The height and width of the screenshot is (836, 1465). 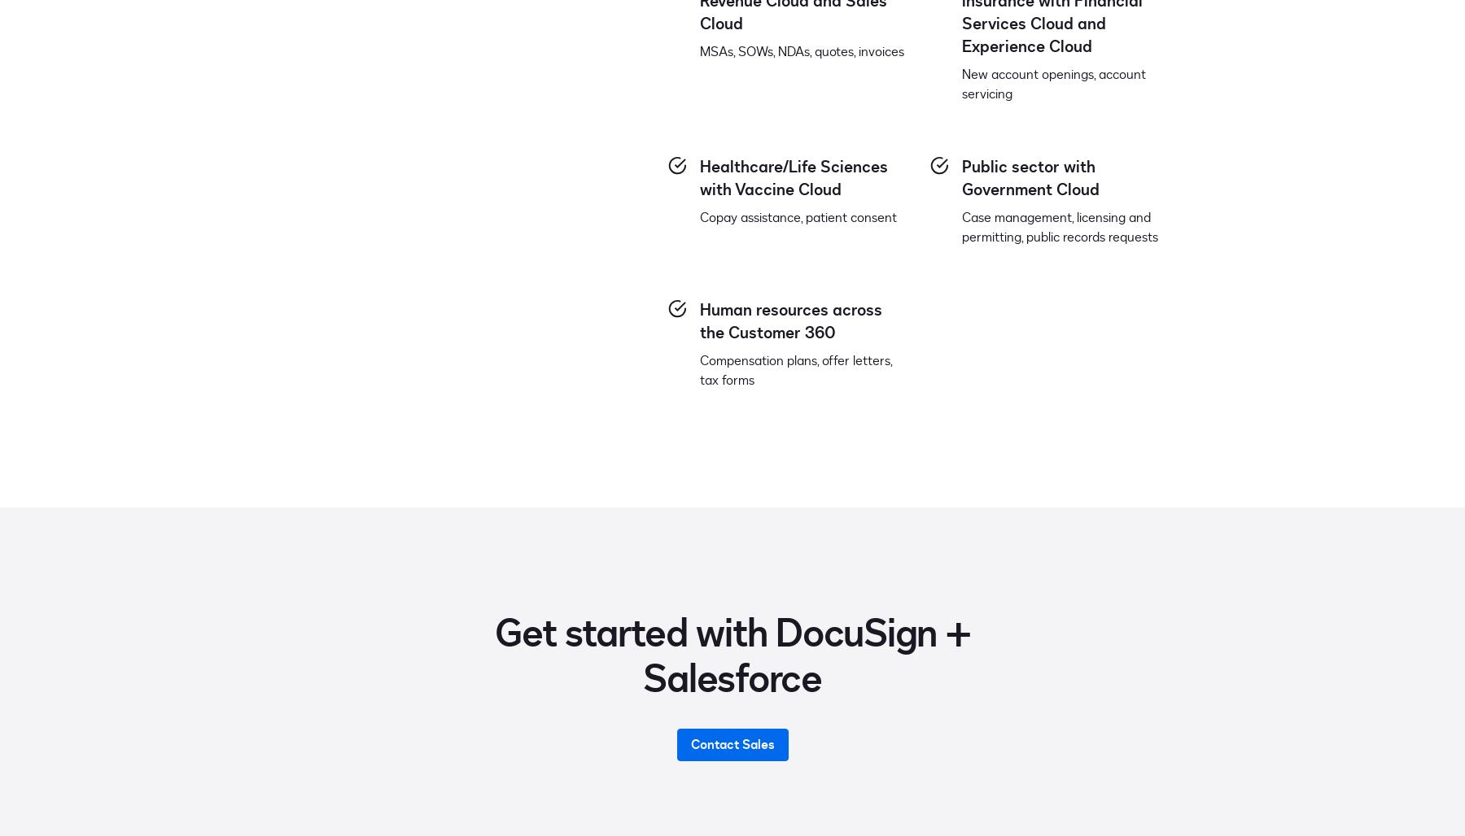 What do you see at coordinates (1053, 83) in the screenshot?
I see `'New account openings, account servicing'` at bounding box center [1053, 83].